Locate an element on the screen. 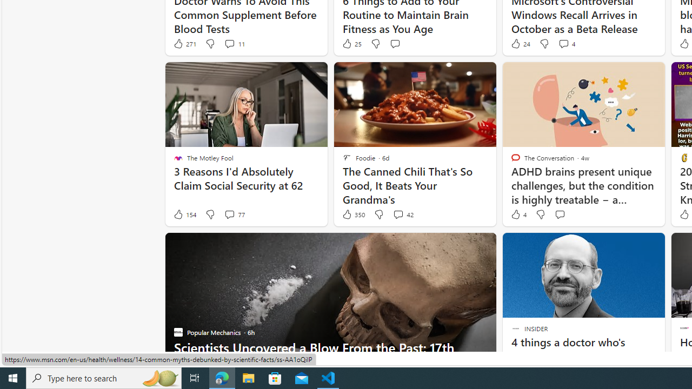  'View comments 11 Comment' is located at coordinates (234, 43).